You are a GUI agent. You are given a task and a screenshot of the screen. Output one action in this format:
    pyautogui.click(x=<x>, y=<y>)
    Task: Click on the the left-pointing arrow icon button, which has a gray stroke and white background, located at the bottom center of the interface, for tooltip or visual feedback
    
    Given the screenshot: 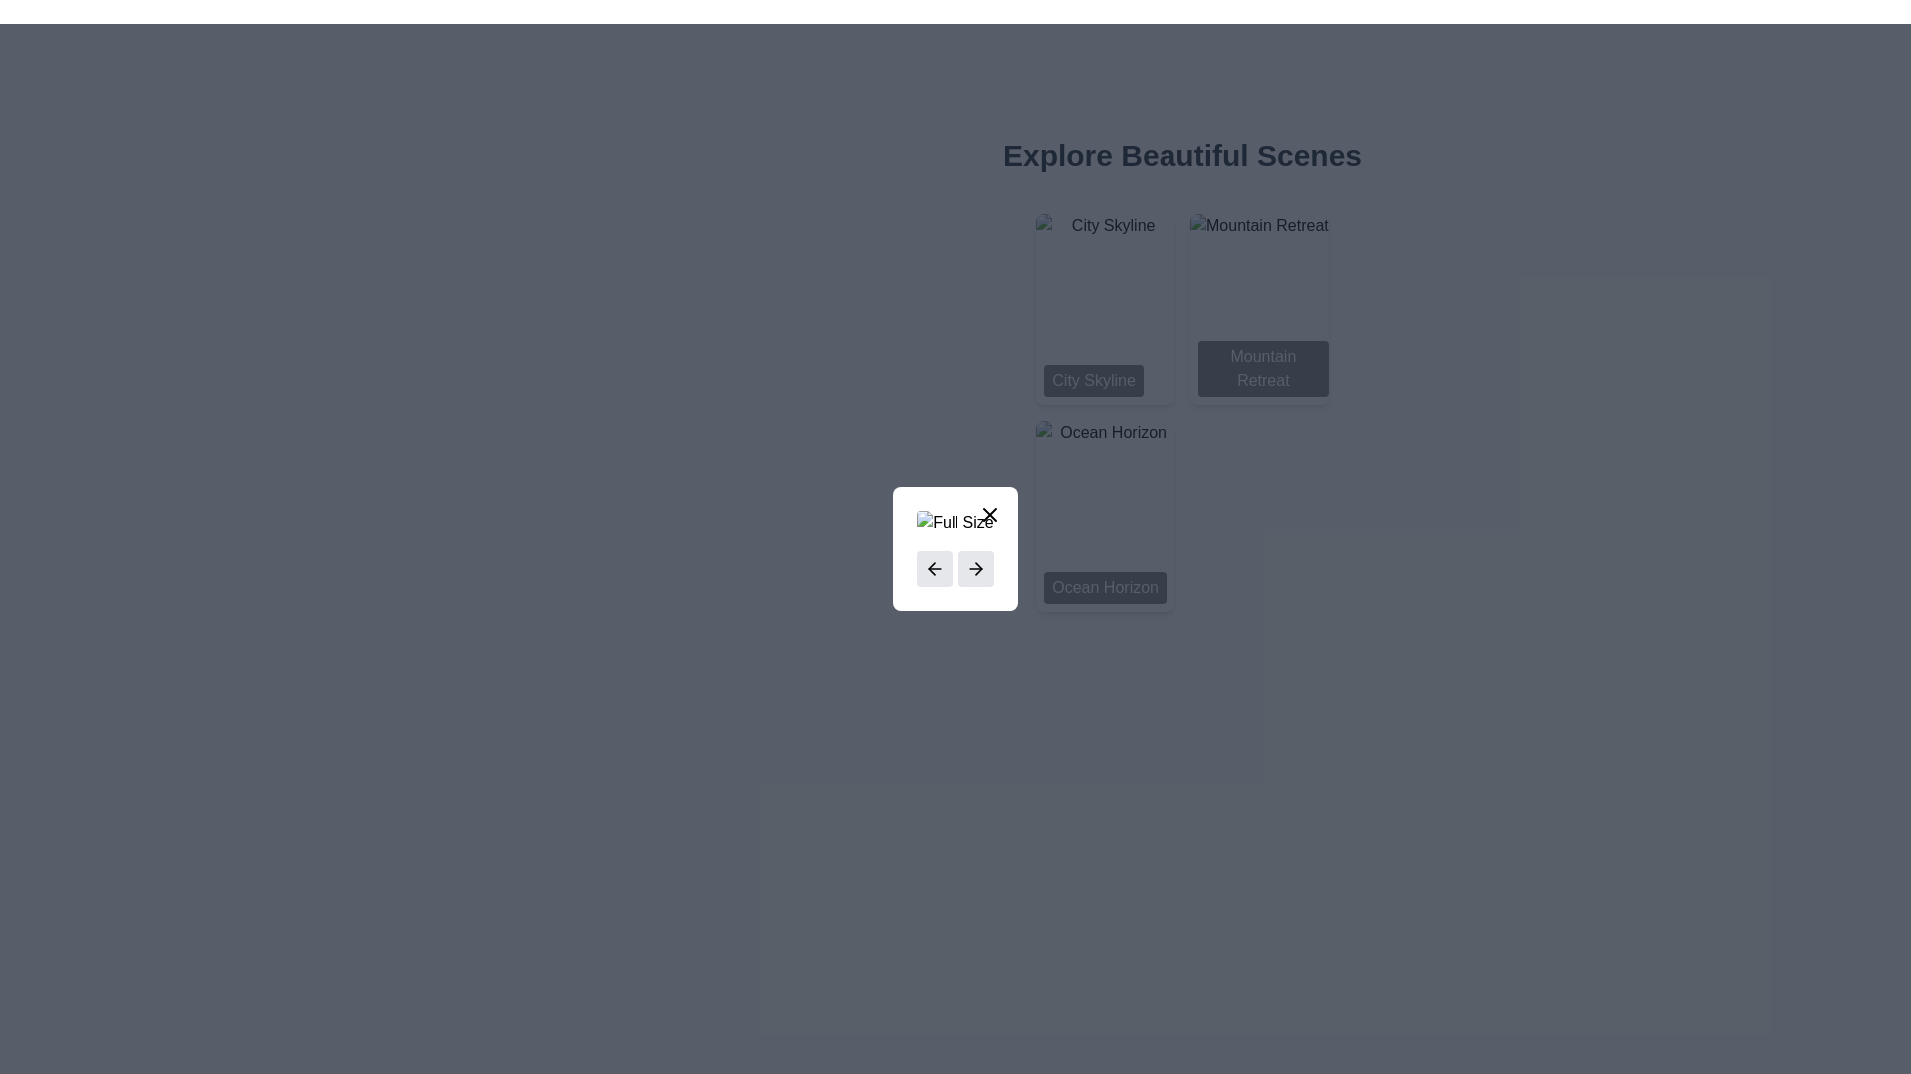 What is the action you would take?
    pyautogui.click(x=934, y=568)
    